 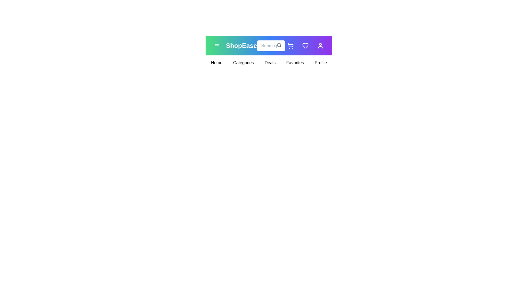 What do you see at coordinates (305, 45) in the screenshot?
I see `the heart icon to mark items as favorites` at bounding box center [305, 45].